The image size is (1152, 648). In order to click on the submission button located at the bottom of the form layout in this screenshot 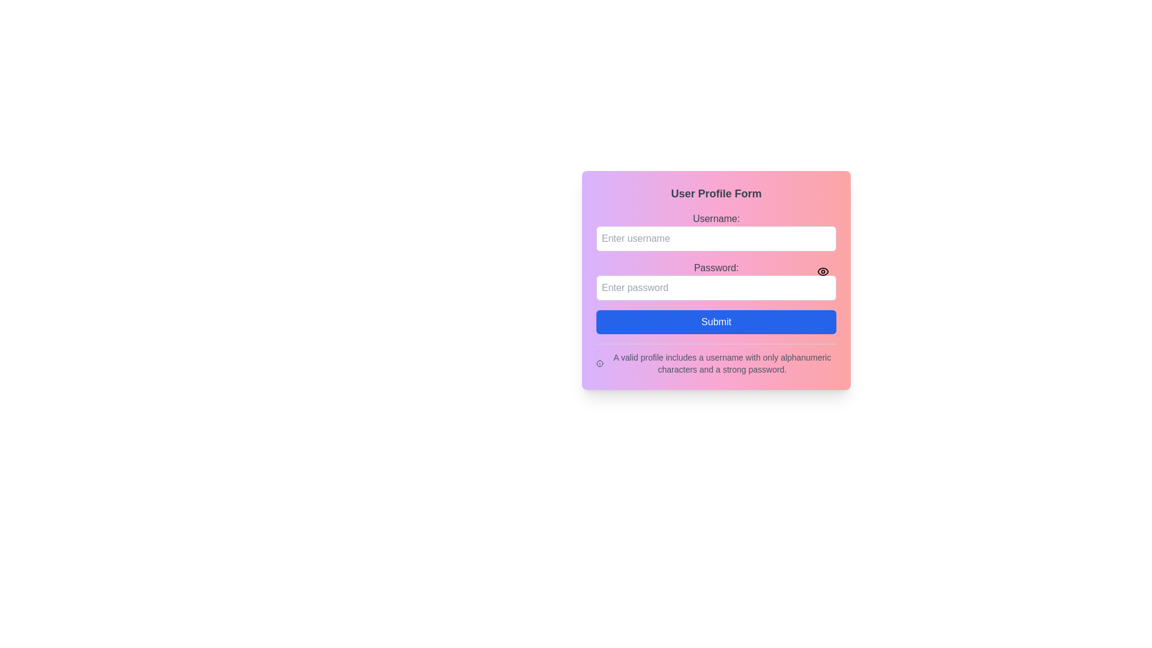, I will do `click(716, 321)`.